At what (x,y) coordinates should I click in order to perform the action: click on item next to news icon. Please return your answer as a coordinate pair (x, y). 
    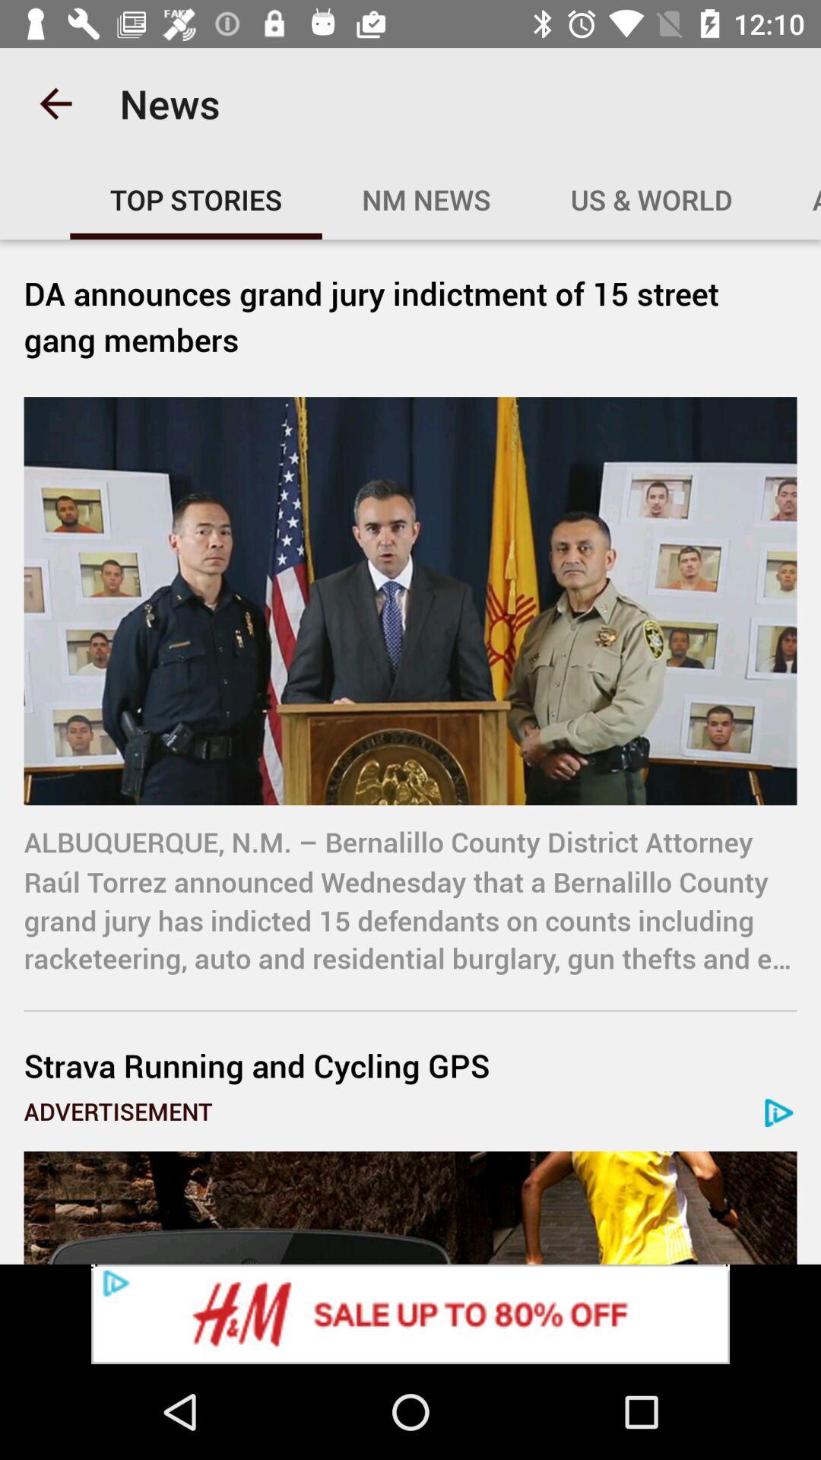
    Looking at the image, I should click on (55, 103).